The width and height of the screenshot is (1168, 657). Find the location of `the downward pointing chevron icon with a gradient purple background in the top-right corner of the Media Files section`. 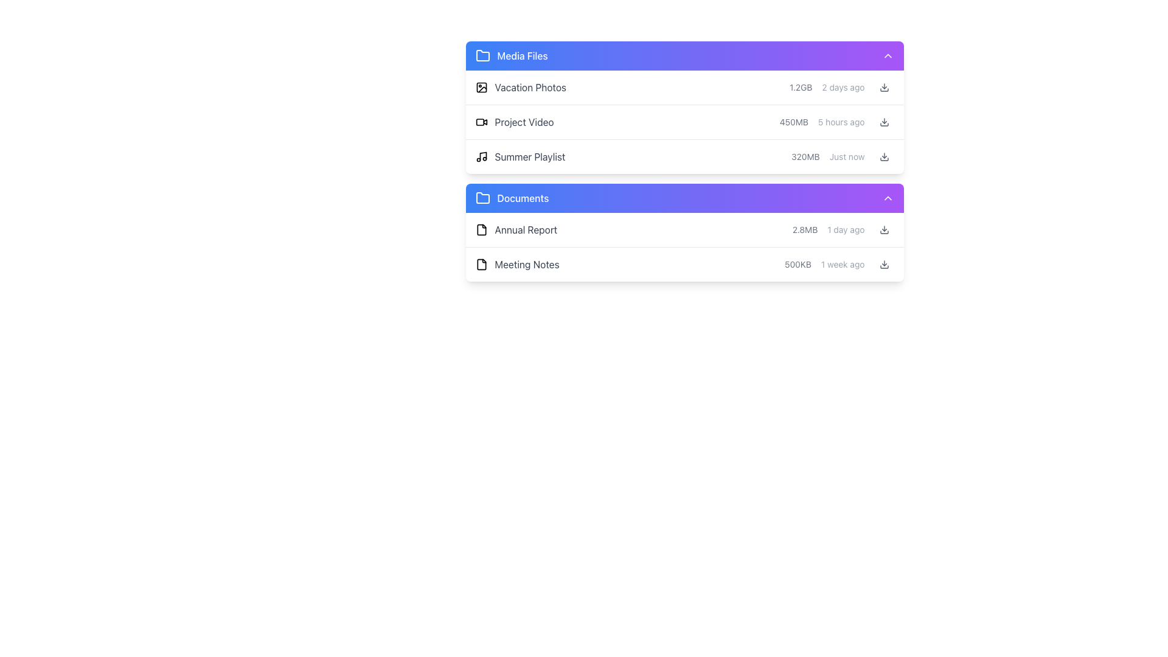

the downward pointing chevron icon with a gradient purple background in the top-right corner of the Media Files section is located at coordinates (888, 56).